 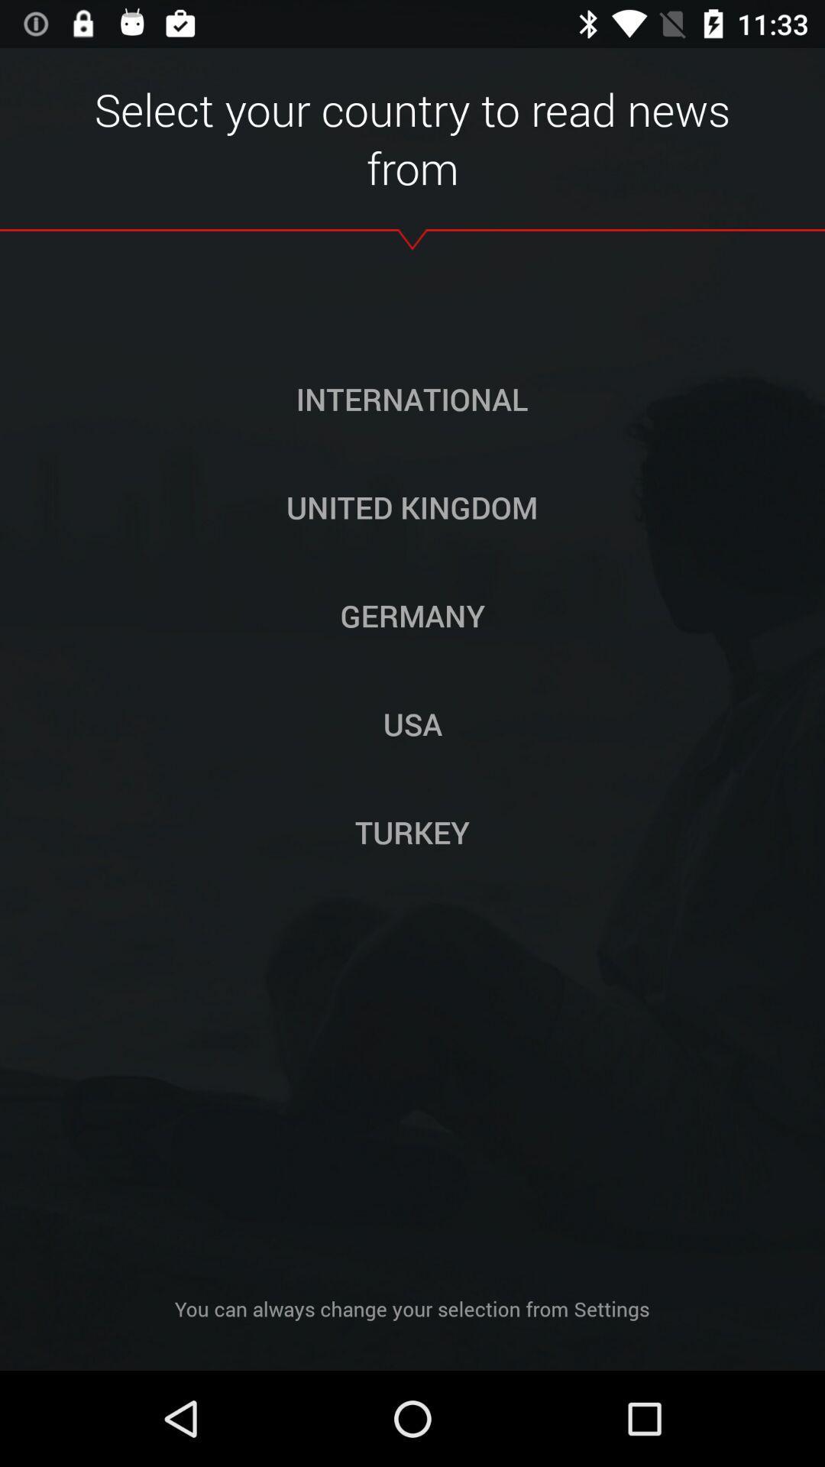 I want to click on icon below the germany icon, so click(x=412, y=723).